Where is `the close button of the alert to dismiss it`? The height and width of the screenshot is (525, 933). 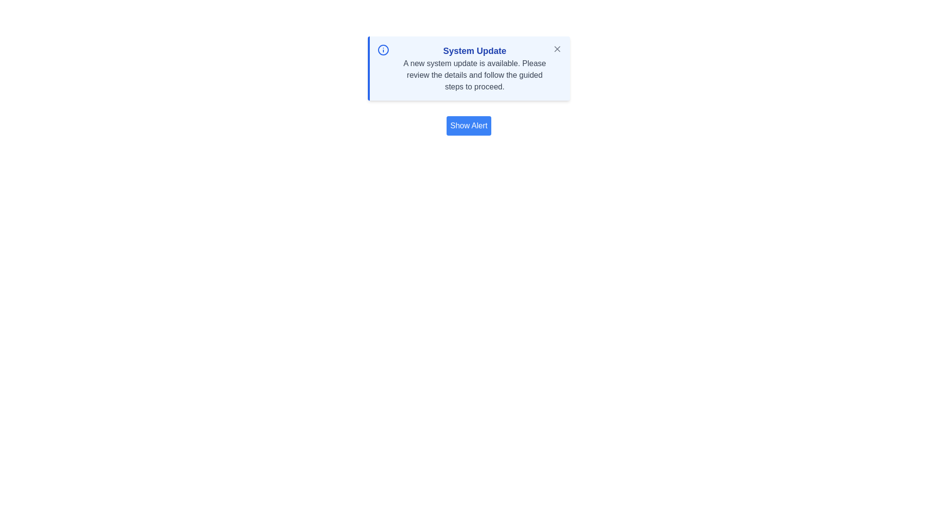
the close button of the alert to dismiss it is located at coordinates (557, 49).